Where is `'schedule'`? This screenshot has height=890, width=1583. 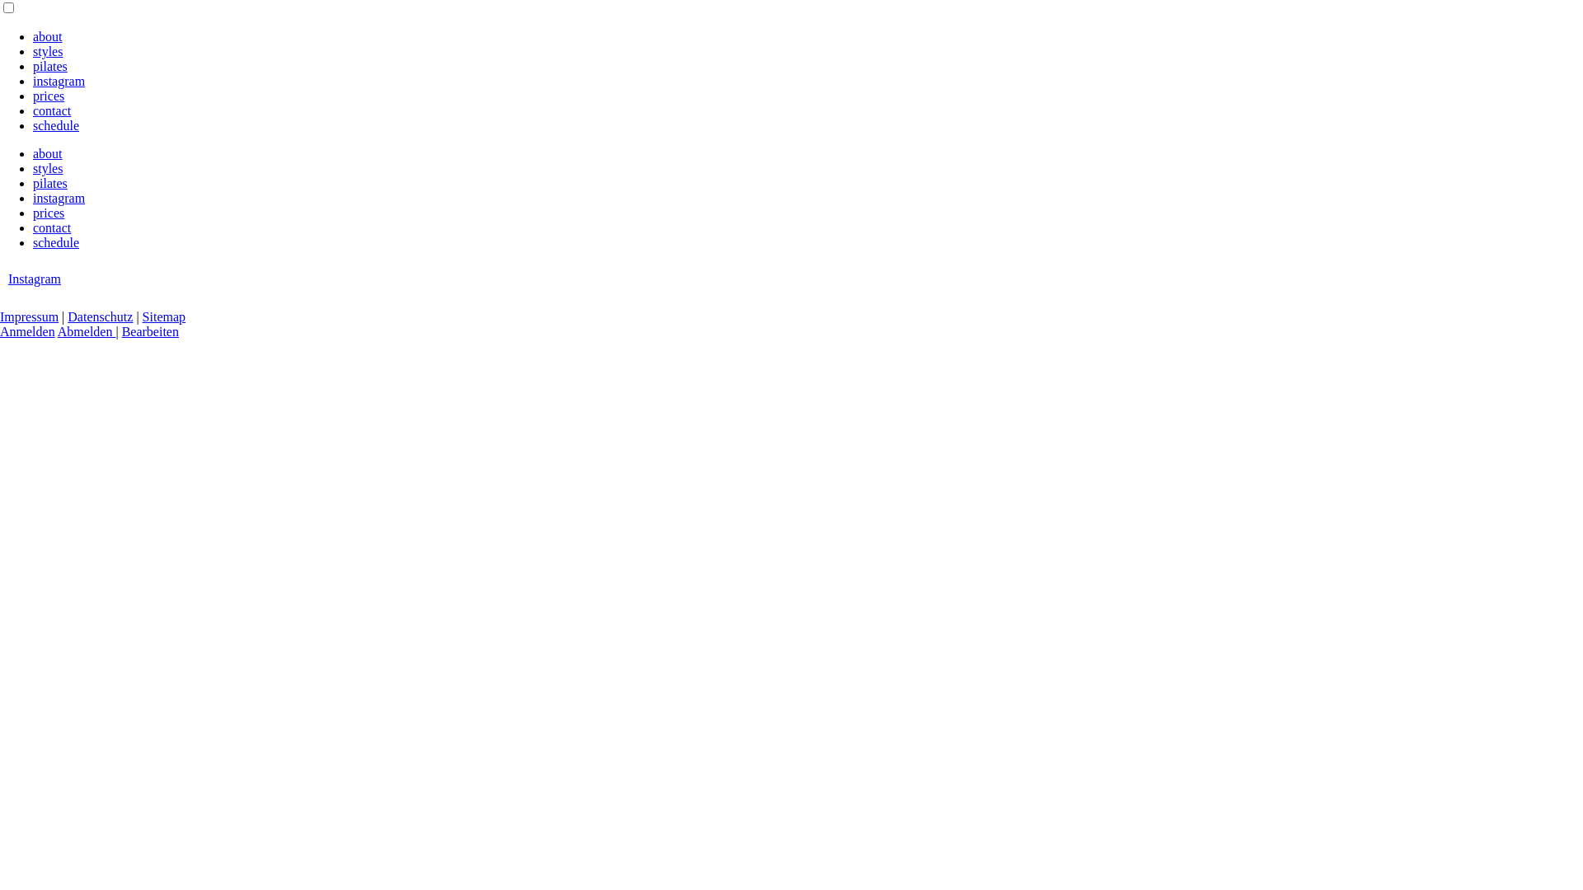 'schedule' is located at coordinates (55, 242).